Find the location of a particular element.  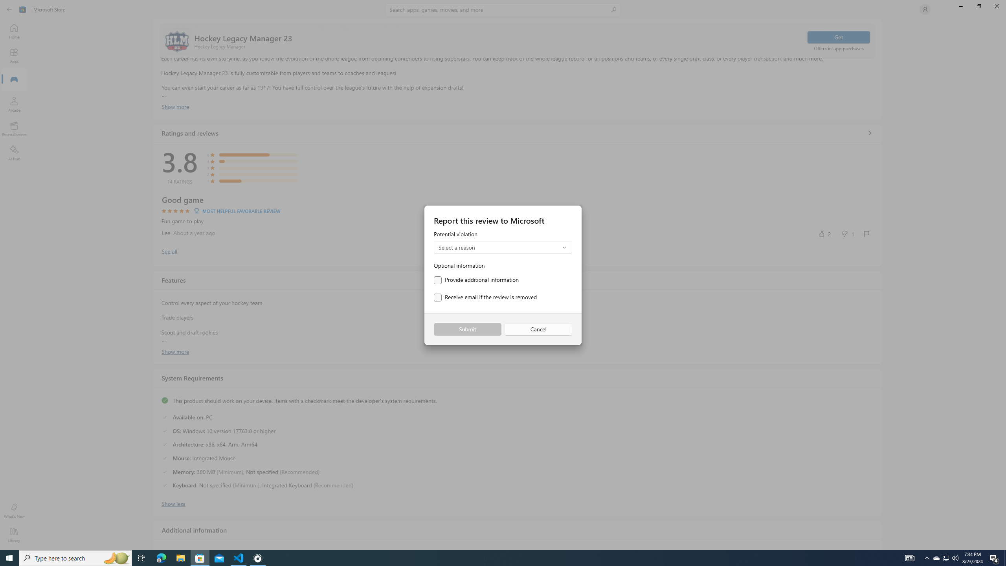

'Show all ratings and reviews' is located at coordinates (169, 250).